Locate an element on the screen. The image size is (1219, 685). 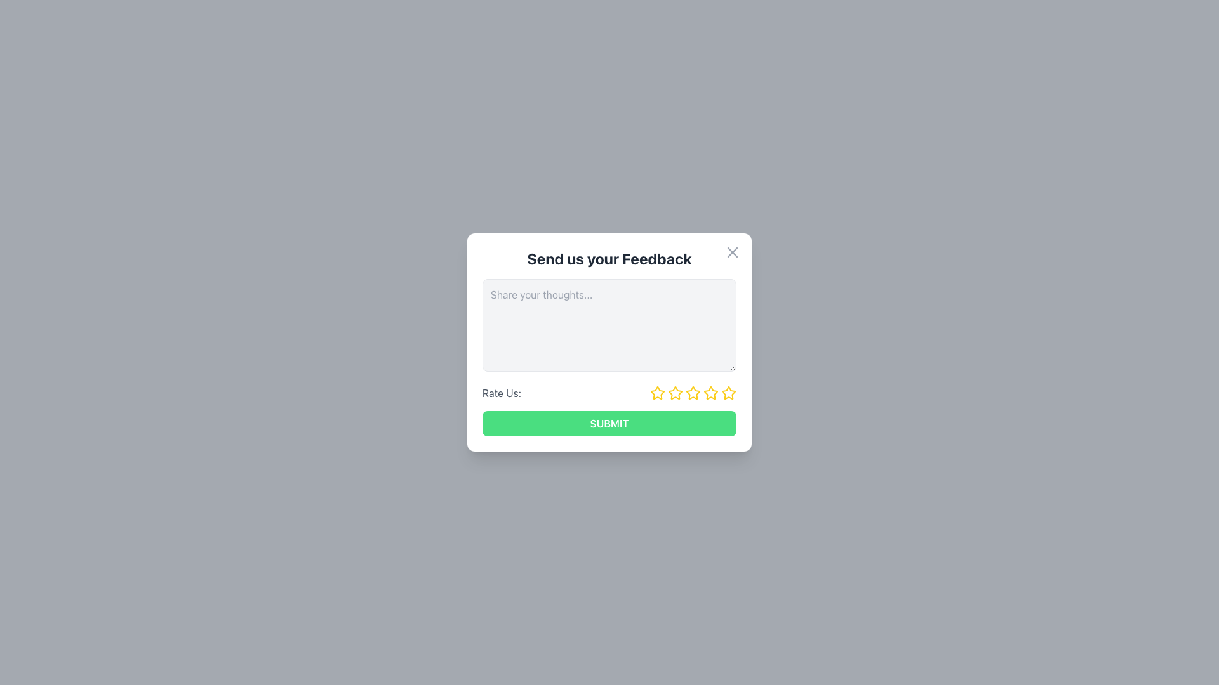
the fifth star in the sequence of rating stars, which is a yellow star-shaped SVG icon with a hollow center is located at coordinates (728, 392).